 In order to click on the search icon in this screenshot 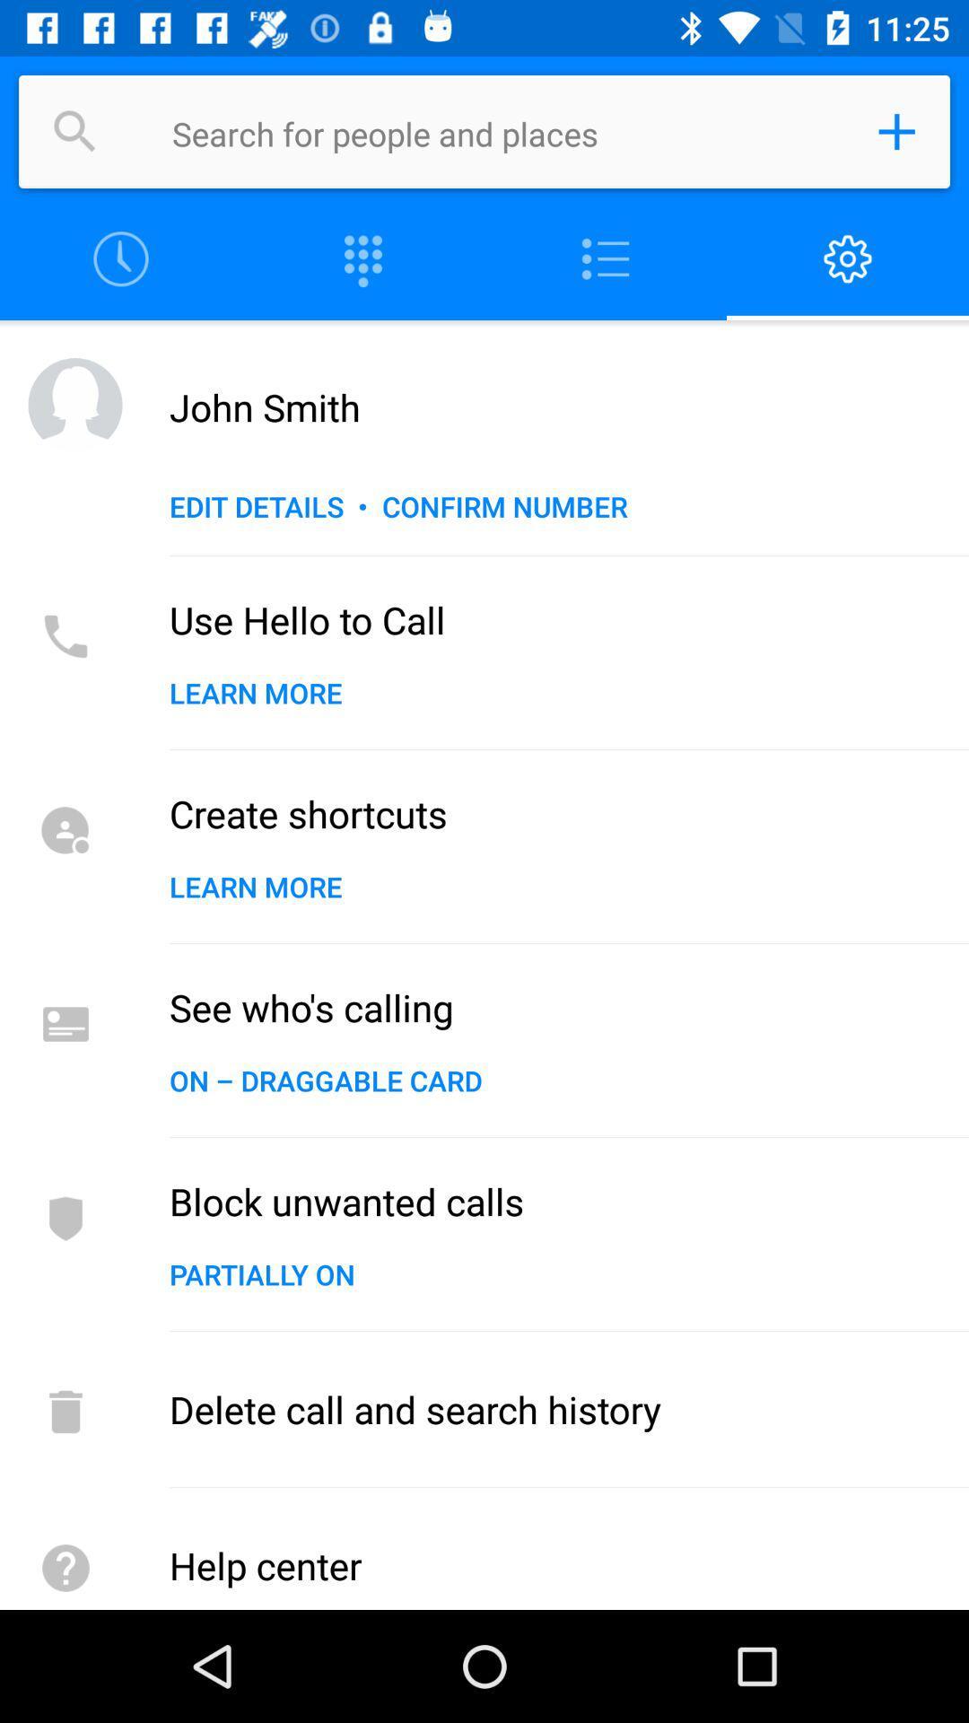, I will do `click(74, 131)`.